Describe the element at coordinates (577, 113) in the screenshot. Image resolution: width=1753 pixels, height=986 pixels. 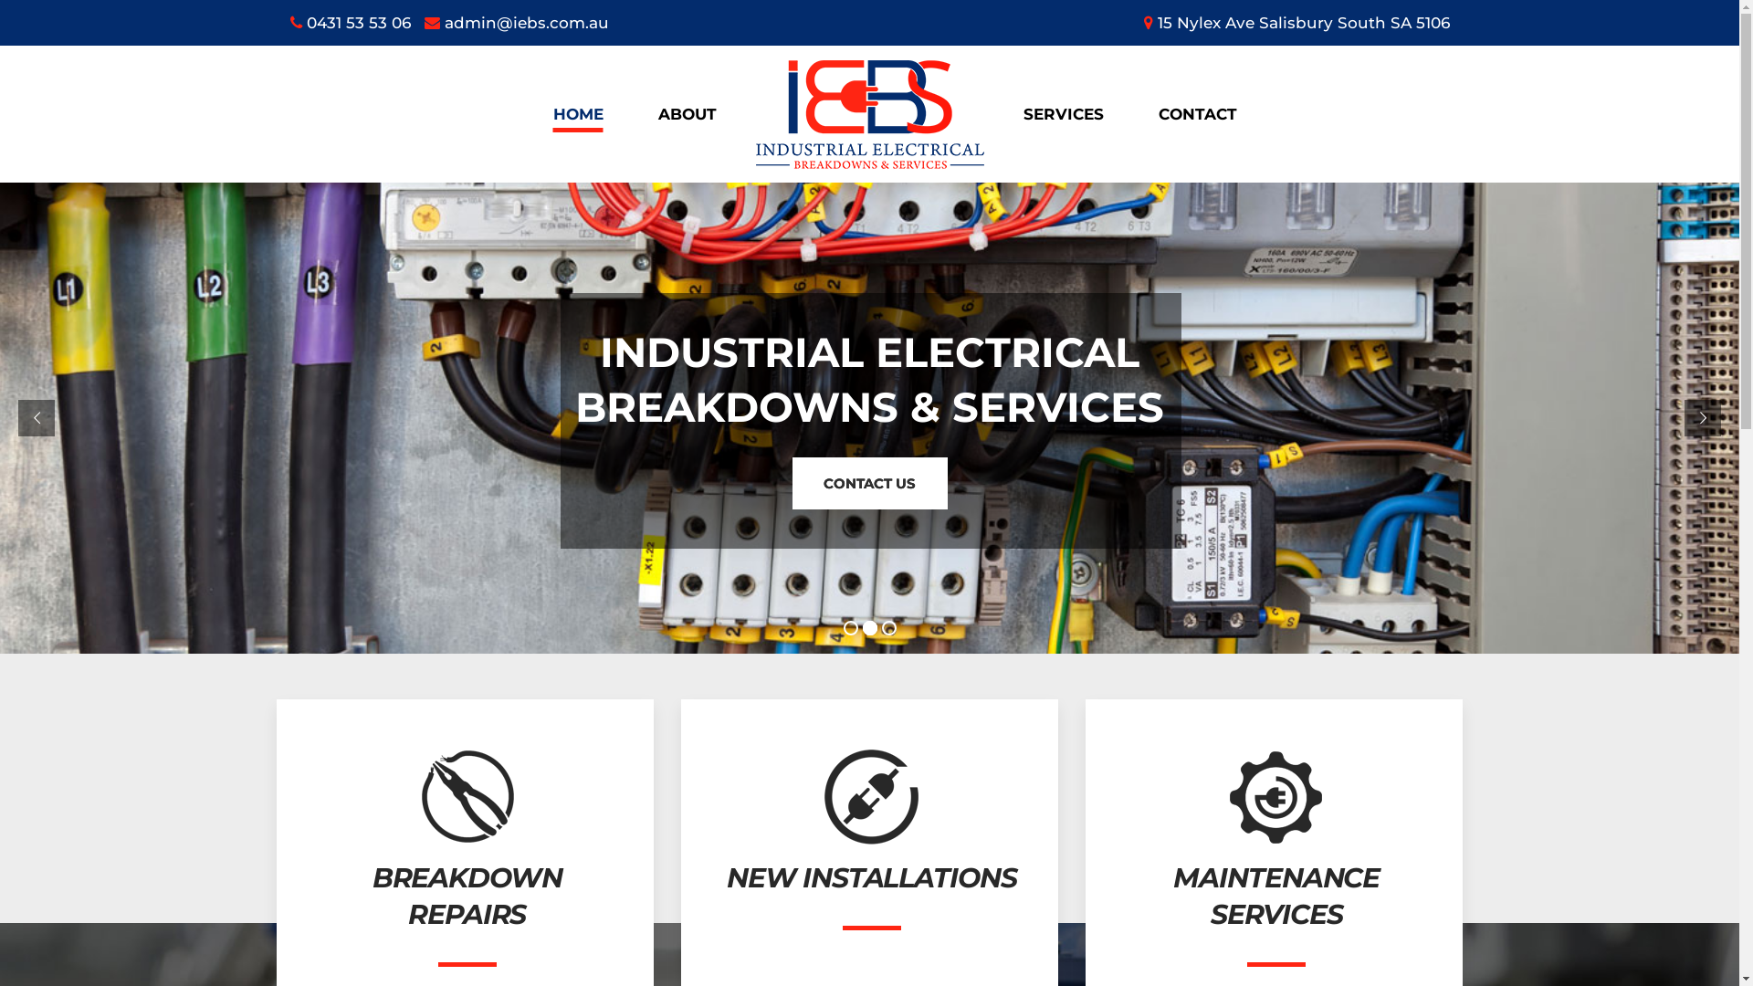
I see `'HOME'` at that location.